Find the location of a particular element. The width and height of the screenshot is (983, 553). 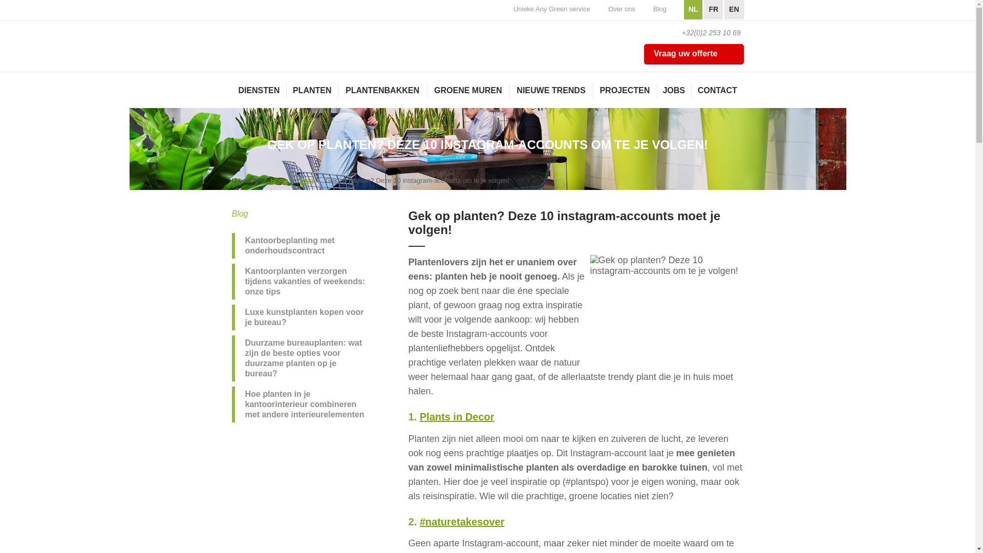

'Luxe kunstplanten kopen voor je bureau?' is located at coordinates (302, 317).